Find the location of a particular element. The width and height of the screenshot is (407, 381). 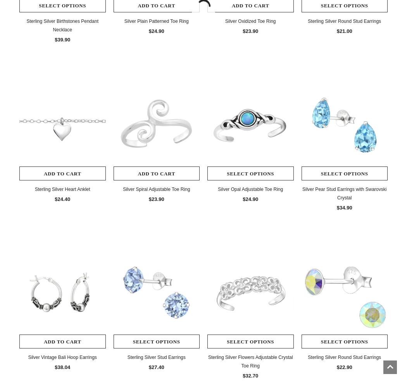

'$24.40' is located at coordinates (54, 198).